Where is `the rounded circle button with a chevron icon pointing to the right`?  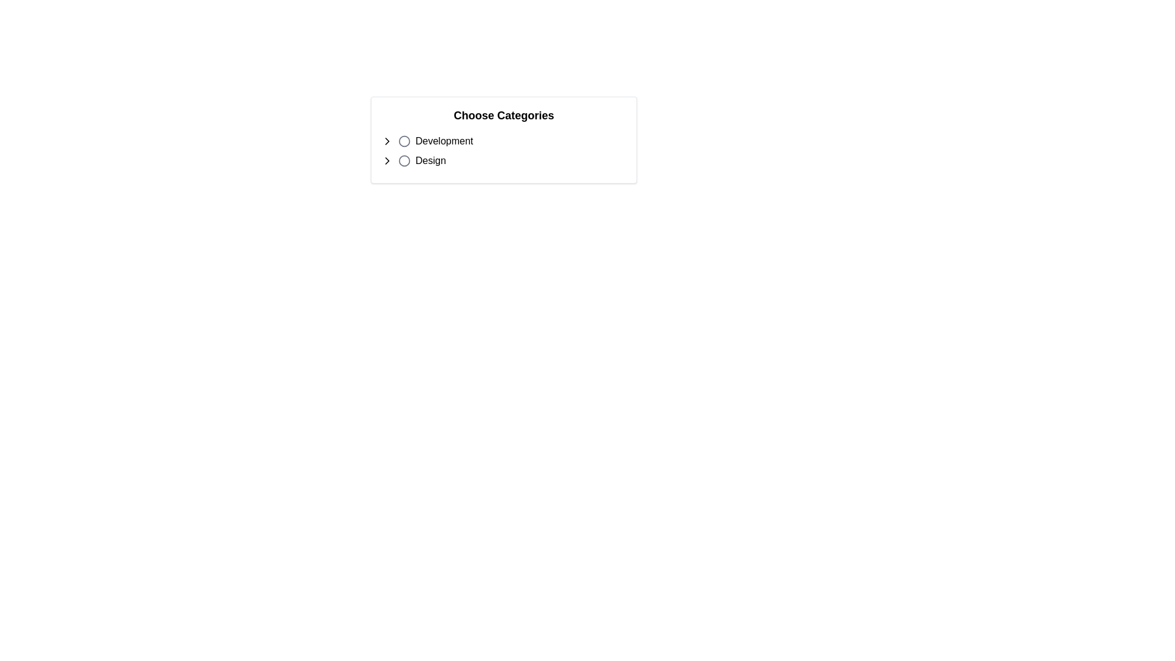
the rounded circle button with a chevron icon pointing to the right is located at coordinates (387, 160).